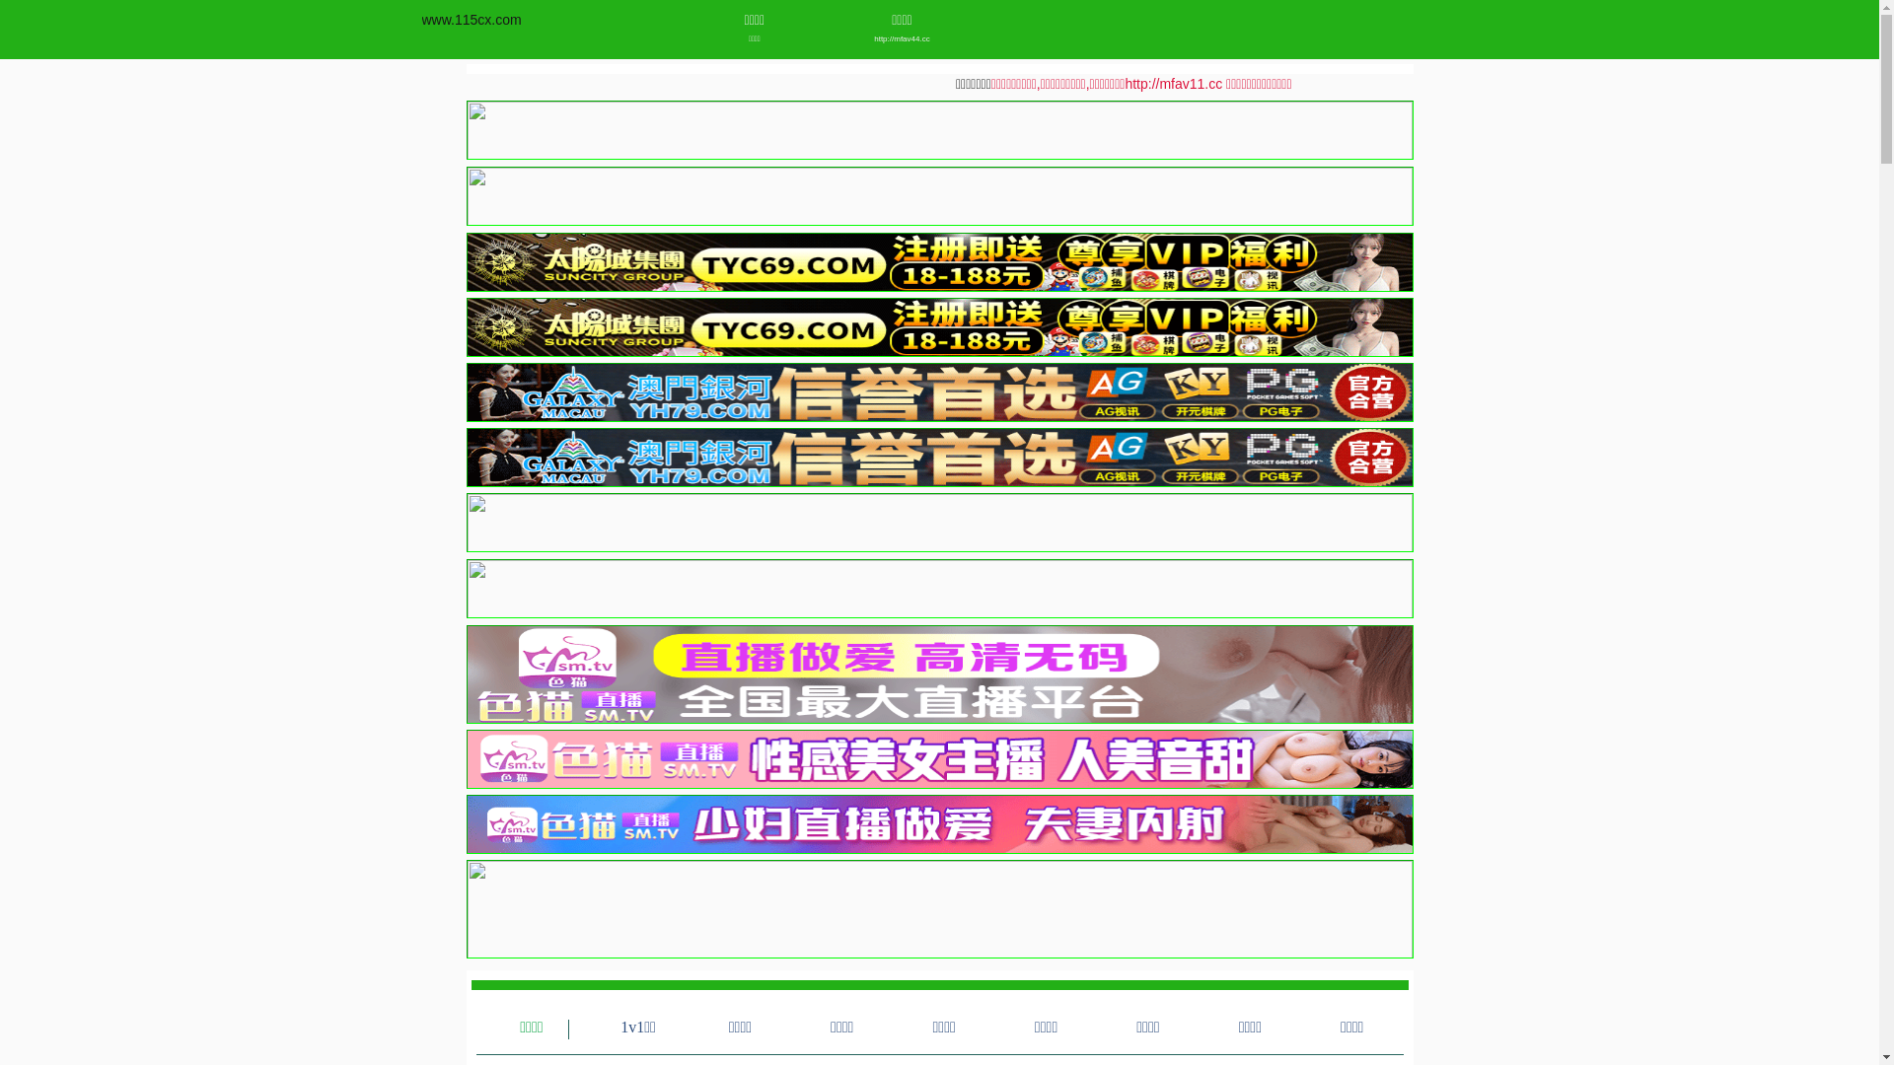  What do you see at coordinates (471, 19) in the screenshot?
I see `'www.115cx.com'` at bounding box center [471, 19].